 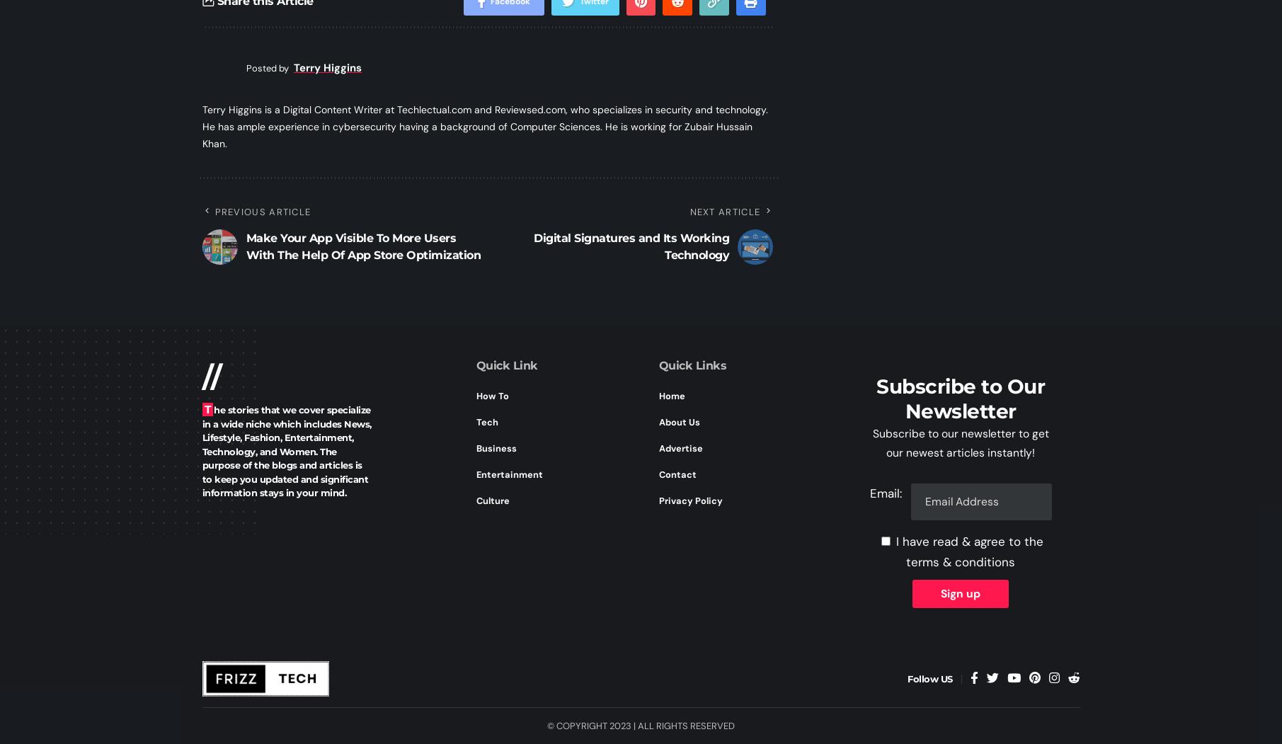 What do you see at coordinates (496, 447) in the screenshot?
I see `'Business'` at bounding box center [496, 447].